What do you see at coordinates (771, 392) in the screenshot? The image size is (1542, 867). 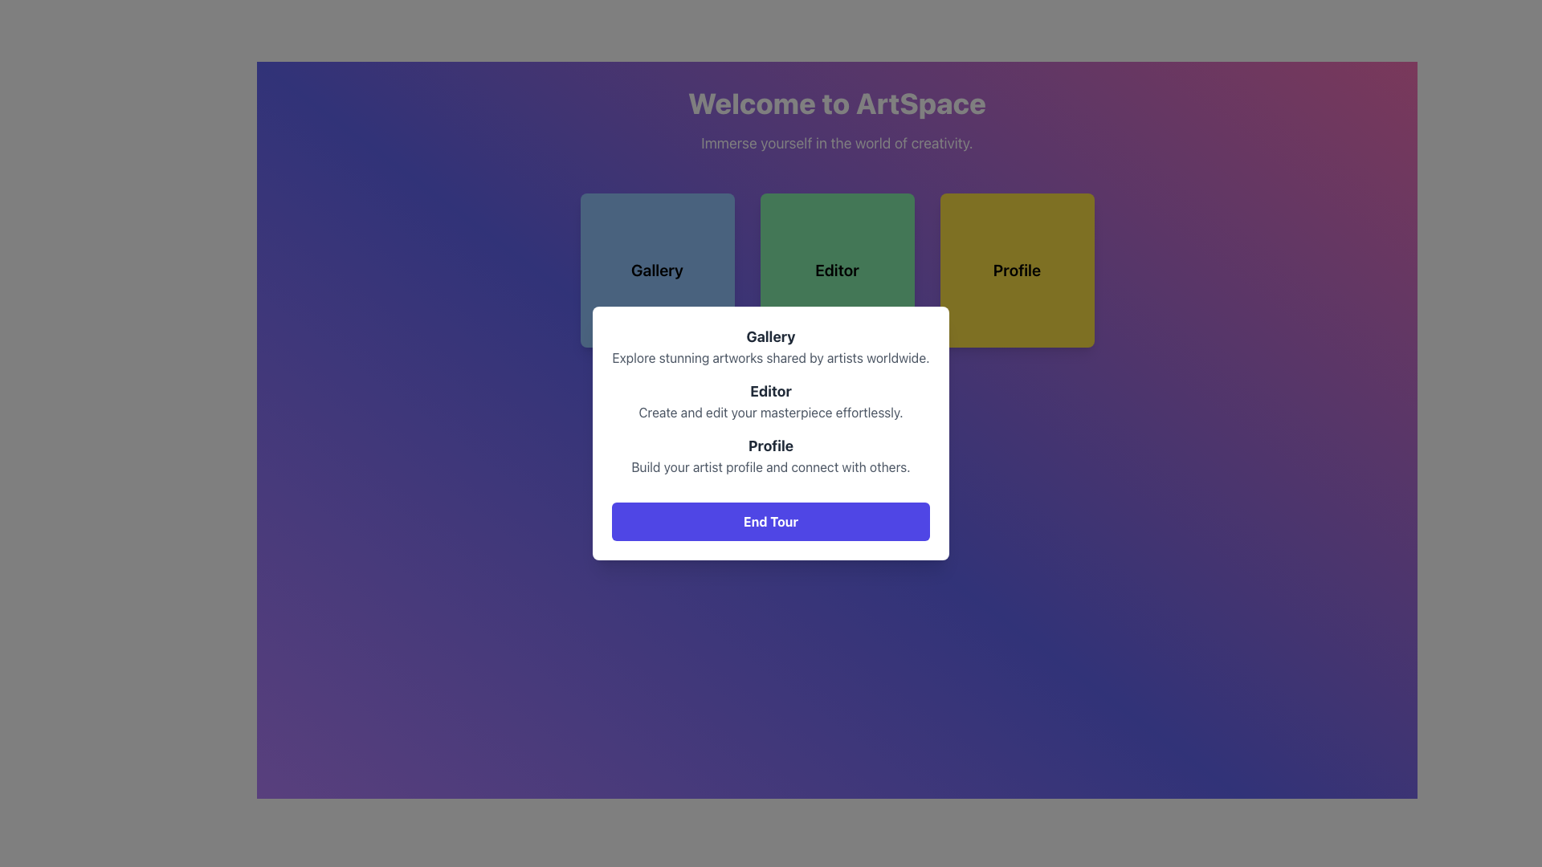 I see `bold, large-sized header text labeled 'Editor' located in the pop-up card, which is the second header in a series of three sections` at bounding box center [771, 392].